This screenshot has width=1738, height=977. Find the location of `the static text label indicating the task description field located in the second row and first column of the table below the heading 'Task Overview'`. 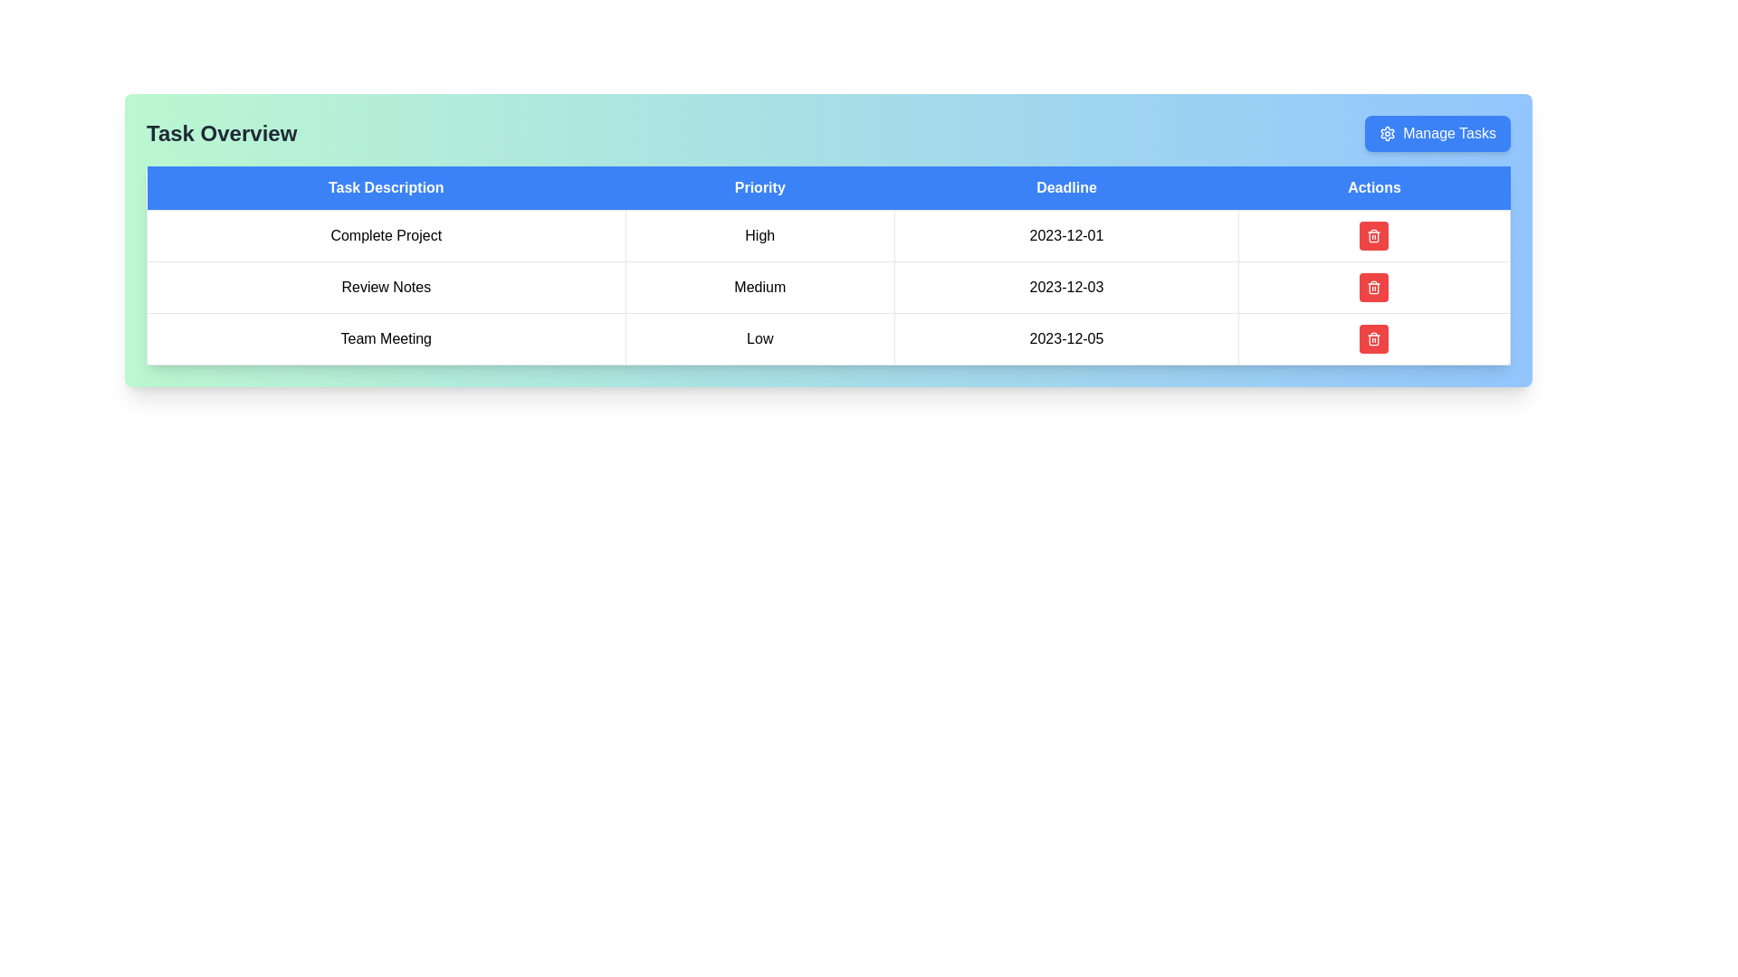

the static text label indicating the task description field located in the second row and first column of the table below the heading 'Task Overview' is located at coordinates (385, 286).